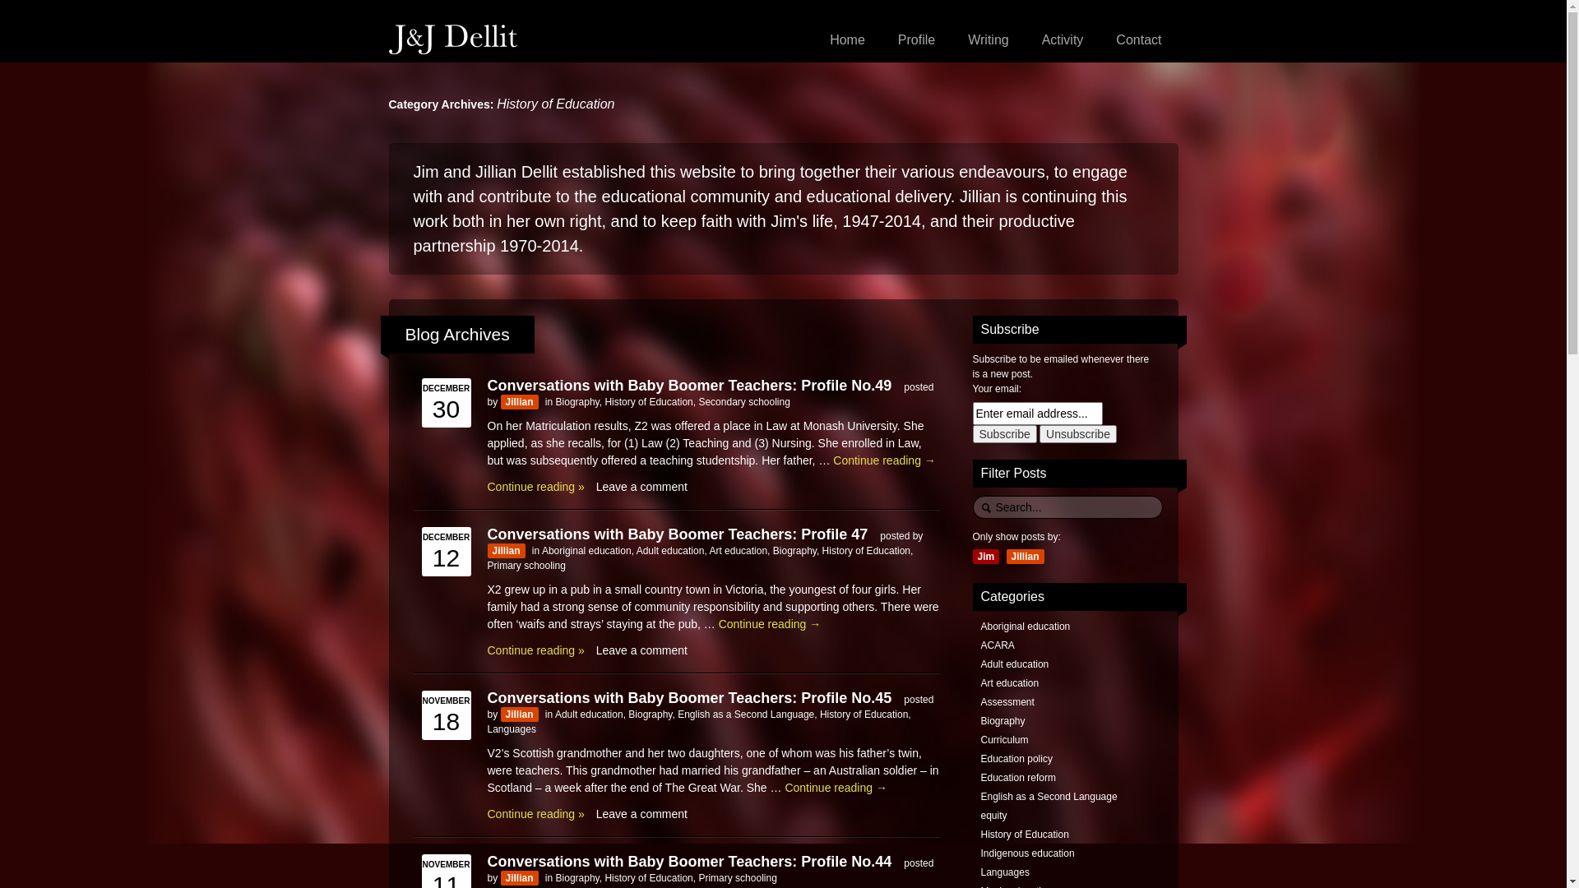 This screenshot has width=1579, height=888. What do you see at coordinates (1063, 39) in the screenshot?
I see `'Activity'` at bounding box center [1063, 39].